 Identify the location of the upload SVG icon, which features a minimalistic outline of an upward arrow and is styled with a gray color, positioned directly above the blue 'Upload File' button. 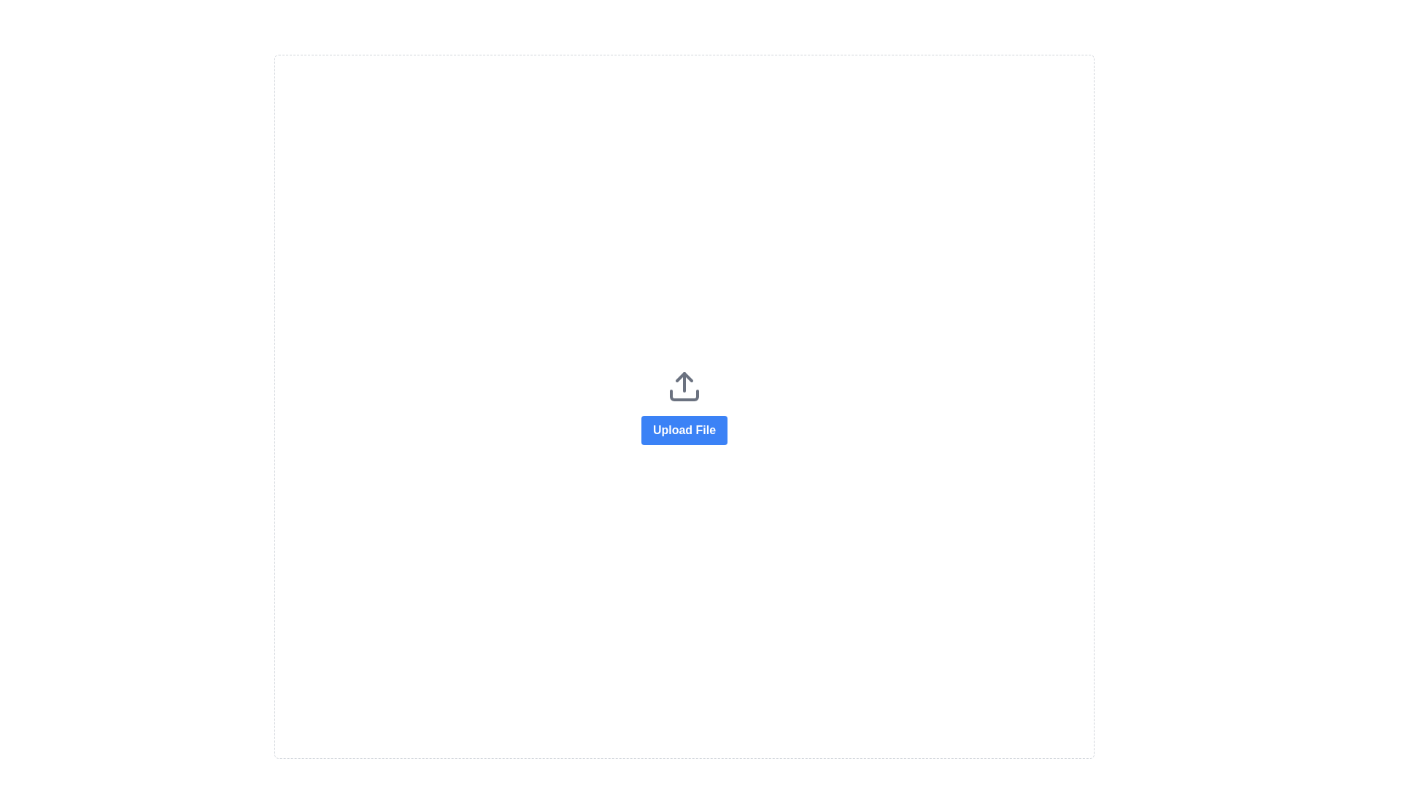
(683, 385).